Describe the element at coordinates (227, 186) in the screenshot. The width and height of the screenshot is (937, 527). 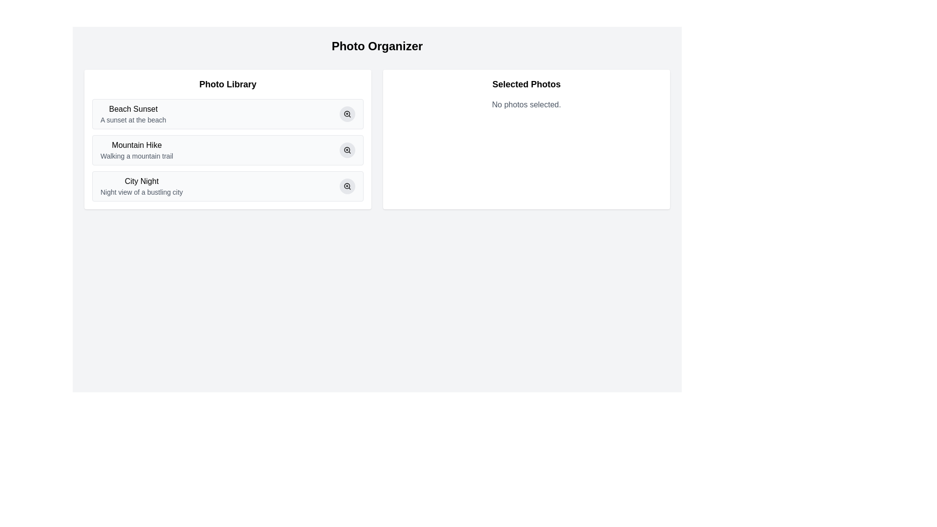
I see `the third list item titled 'City Night' in the 'Photo Library' section` at that location.